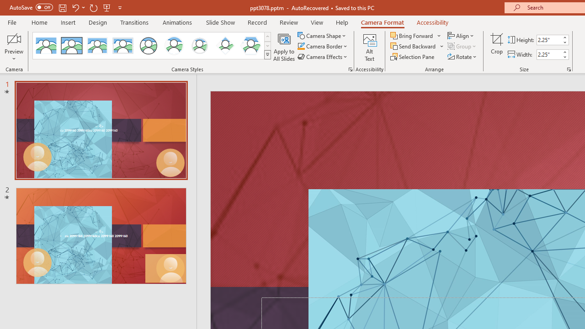 The image size is (585, 329). I want to click on 'Soft Edge Rectangle', so click(122, 46).